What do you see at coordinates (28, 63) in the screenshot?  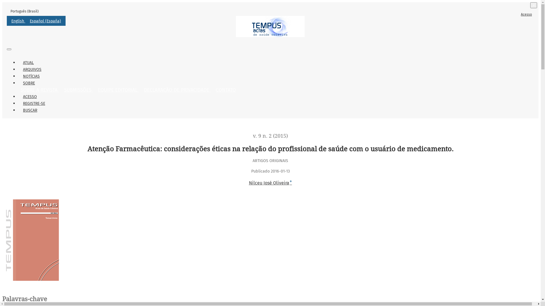 I see `'ATUAL'` at bounding box center [28, 63].